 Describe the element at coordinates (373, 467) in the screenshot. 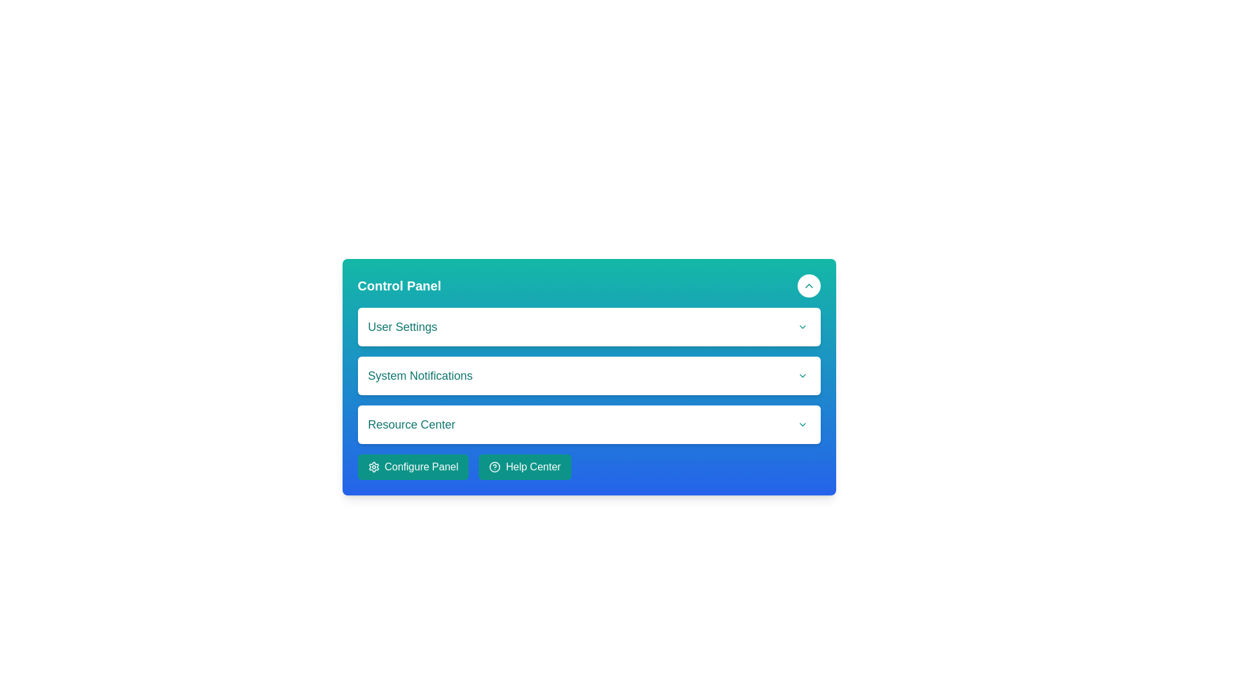

I see `the configuration icon located centrally within the 'Configure Panel' button at the bottom left corner of the panel` at that location.